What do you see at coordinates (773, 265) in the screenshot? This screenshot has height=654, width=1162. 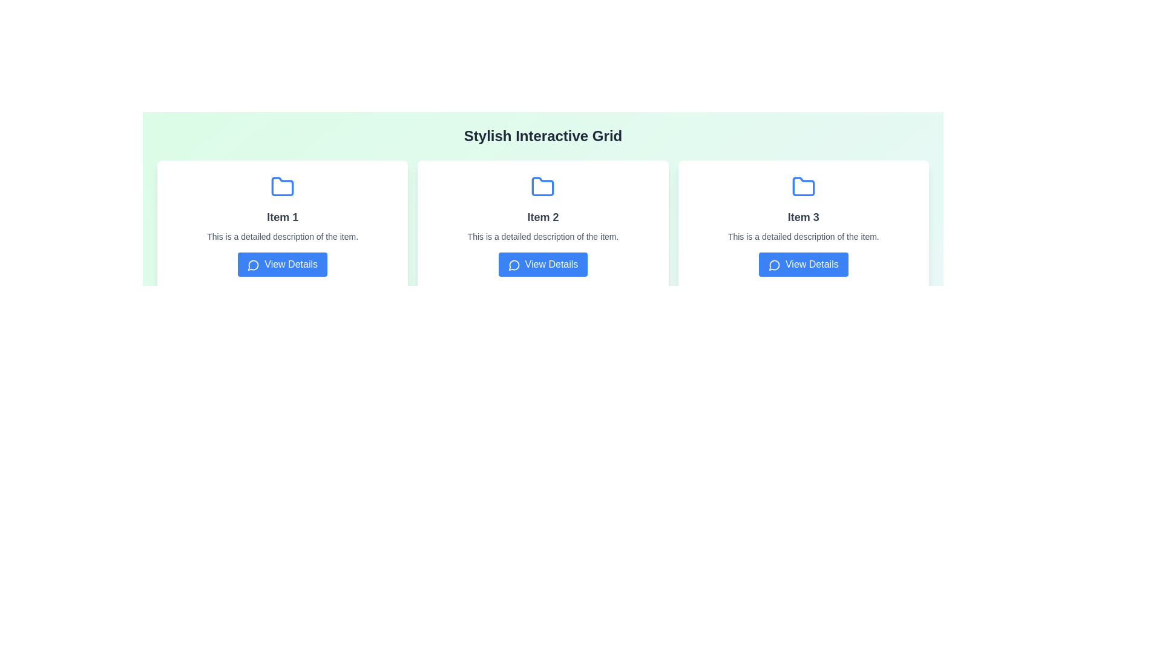 I see `the 'View Details' button which contains the icon for viewing detailed information, located in the third item of the three-item grid` at bounding box center [773, 265].